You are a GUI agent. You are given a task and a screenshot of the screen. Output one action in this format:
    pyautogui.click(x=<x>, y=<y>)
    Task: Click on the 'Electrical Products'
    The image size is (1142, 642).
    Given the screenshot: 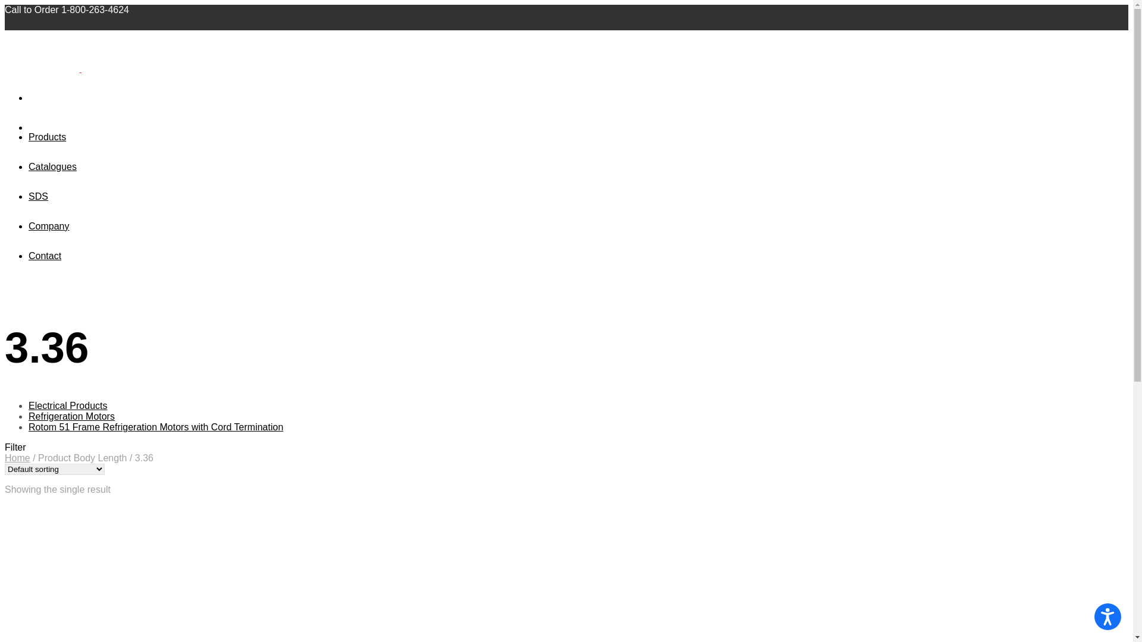 What is the action you would take?
    pyautogui.click(x=67, y=405)
    